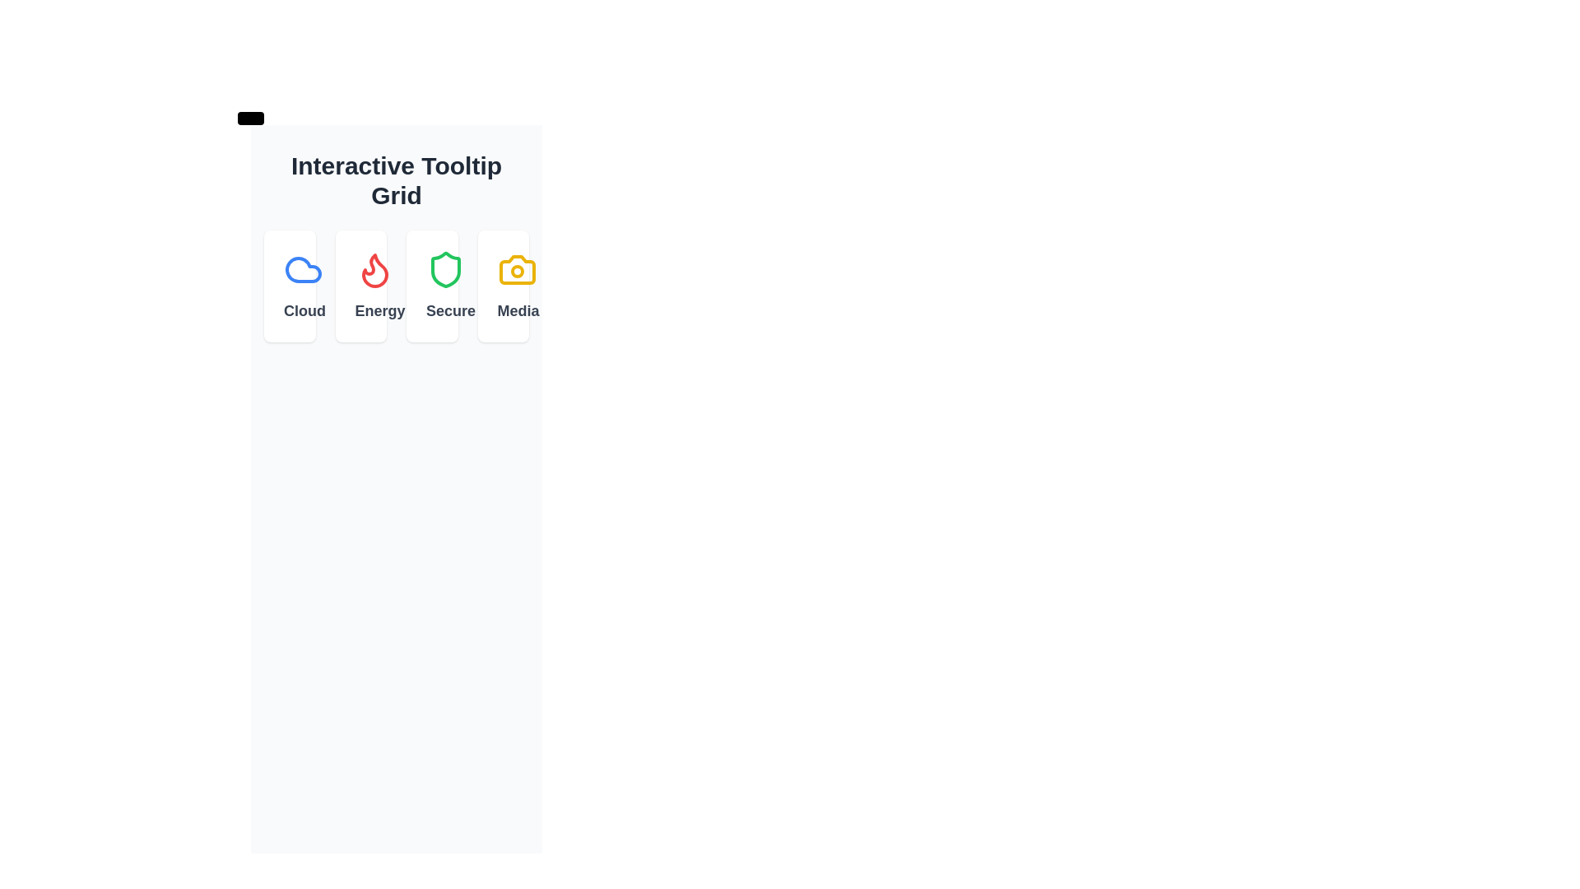 The width and height of the screenshot is (1580, 889). What do you see at coordinates (502, 285) in the screenshot?
I see `the fourth card in the grid, which represents media-related options` at bounding box center [502, 285].